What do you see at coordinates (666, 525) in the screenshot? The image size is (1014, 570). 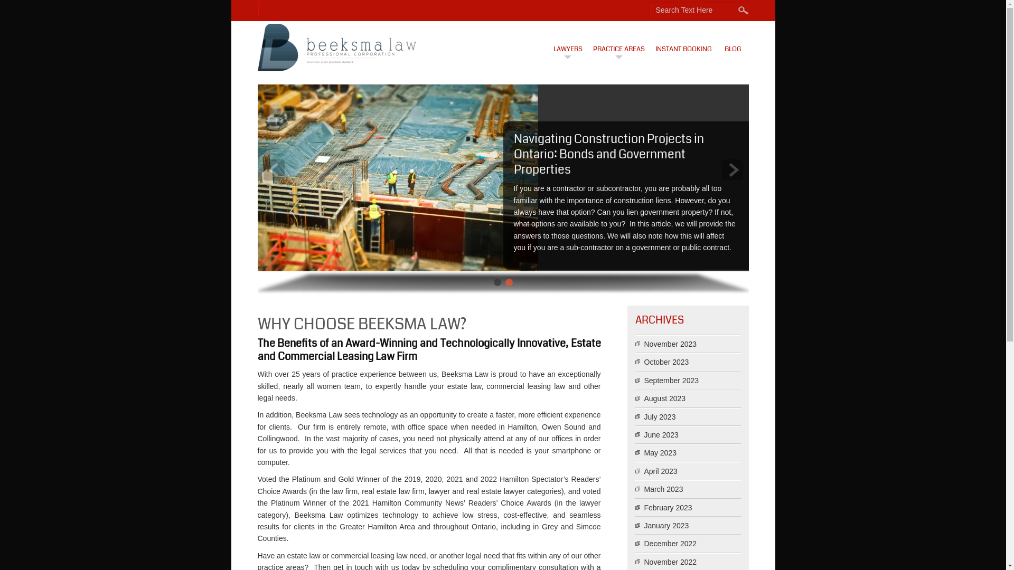 I see `'January 2023'` at bounding box center [666, 525].